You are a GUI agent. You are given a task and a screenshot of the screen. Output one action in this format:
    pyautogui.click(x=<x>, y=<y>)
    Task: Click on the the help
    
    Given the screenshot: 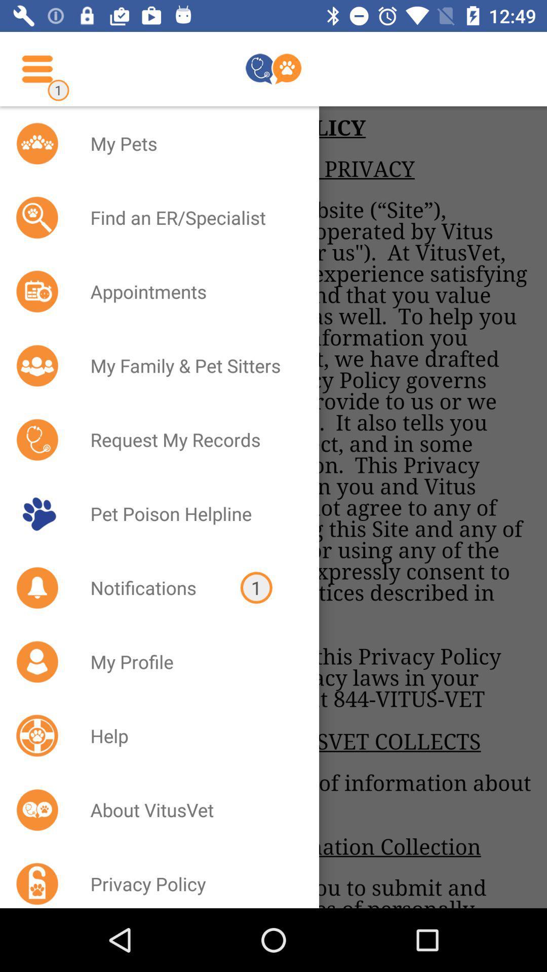 What is the action you would take?
    pyautogui.click(x=191, y=736)
    